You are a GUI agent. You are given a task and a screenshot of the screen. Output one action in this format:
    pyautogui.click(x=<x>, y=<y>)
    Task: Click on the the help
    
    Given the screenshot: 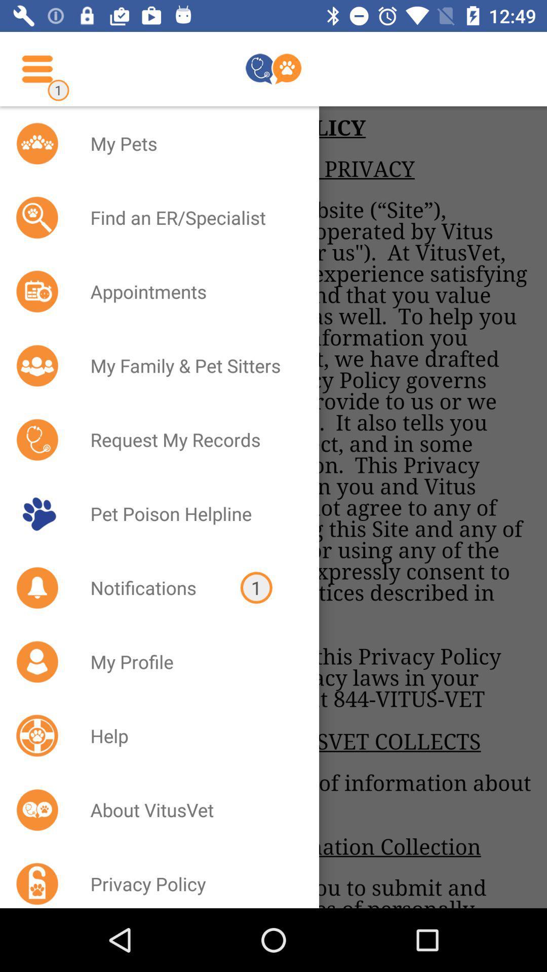 What is the action you would take?
    pyautogui.click(x=191, y=736)
    